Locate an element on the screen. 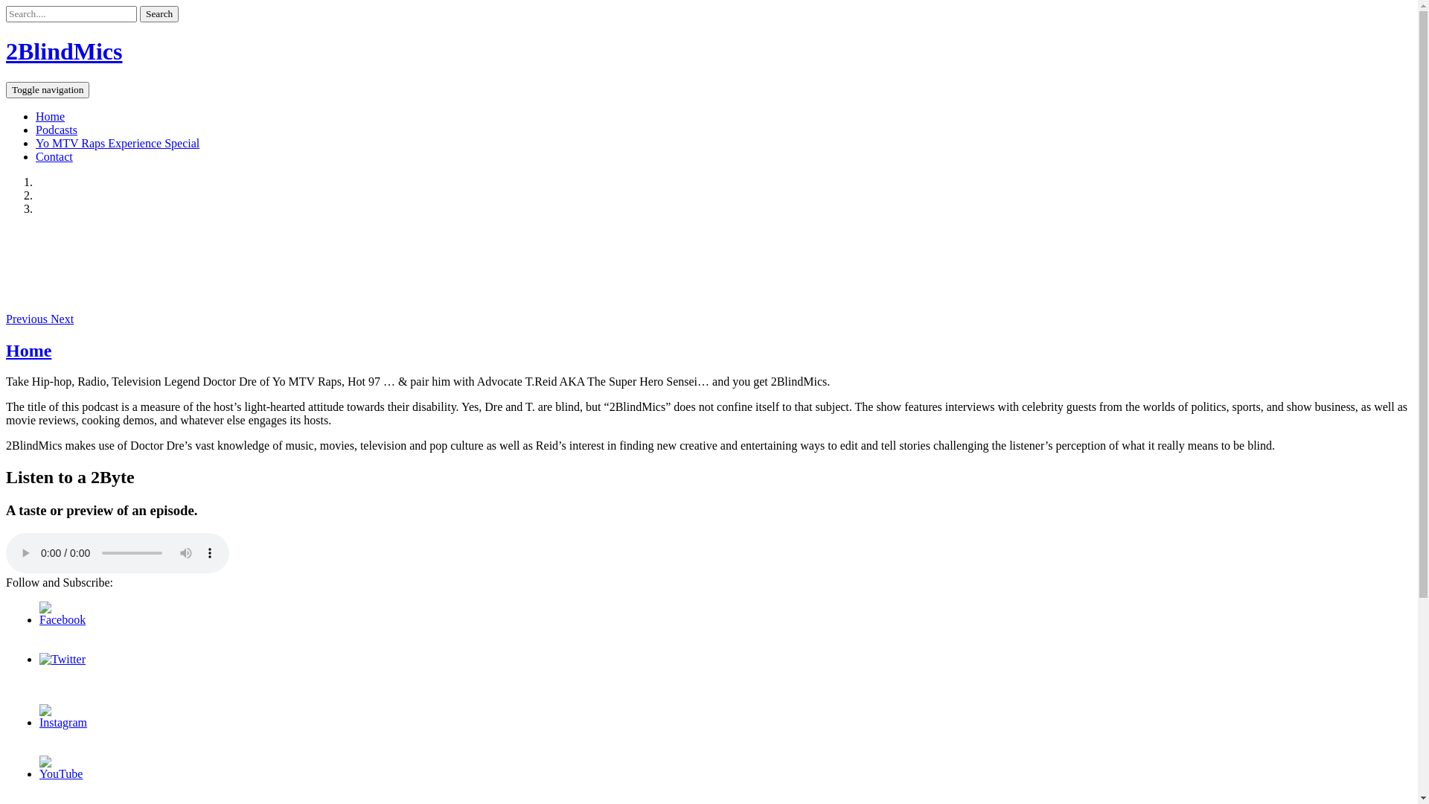 The width and height of the screenshot is (1429, 804). '2BlindMics' is located at coordinates (63, 51).